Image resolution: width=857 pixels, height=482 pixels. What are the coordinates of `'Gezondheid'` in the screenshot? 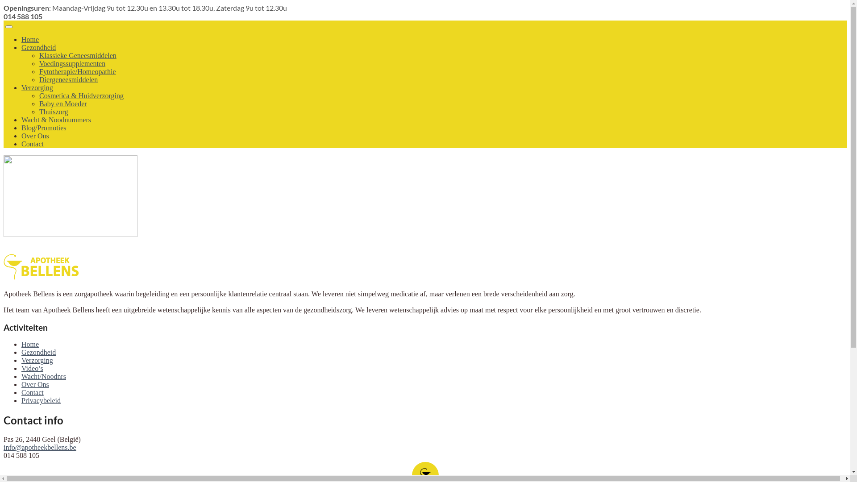 It's located at (38, 47).